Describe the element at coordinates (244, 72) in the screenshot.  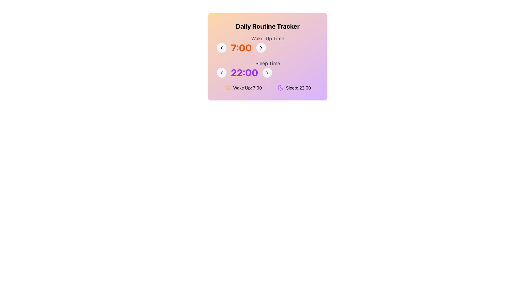
I see `the static text label displaying the time '22:00' located in the 'Sleep Time' section of the UI, which is centrally aligned between two navigation buttons` at that location.